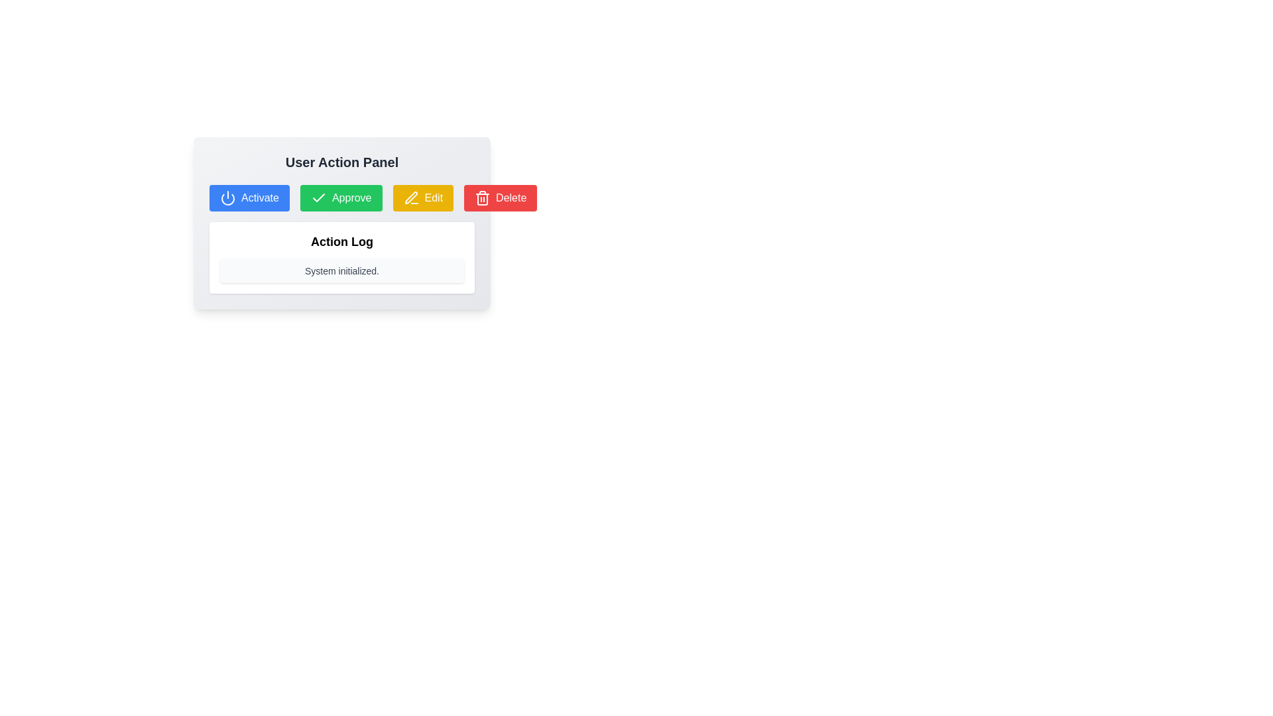  What do you see at coordinates (341, 239) in the screenshot?
I see `the 'Action Log' informational section which contains the title in bold and a message stating 'System initialized.'` at bounding box center [341, 239].